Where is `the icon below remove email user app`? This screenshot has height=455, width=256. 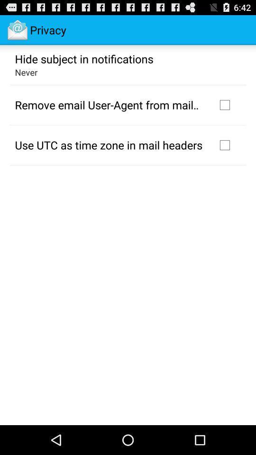
the icon below remove email user app is located at coordinates (108, 145).